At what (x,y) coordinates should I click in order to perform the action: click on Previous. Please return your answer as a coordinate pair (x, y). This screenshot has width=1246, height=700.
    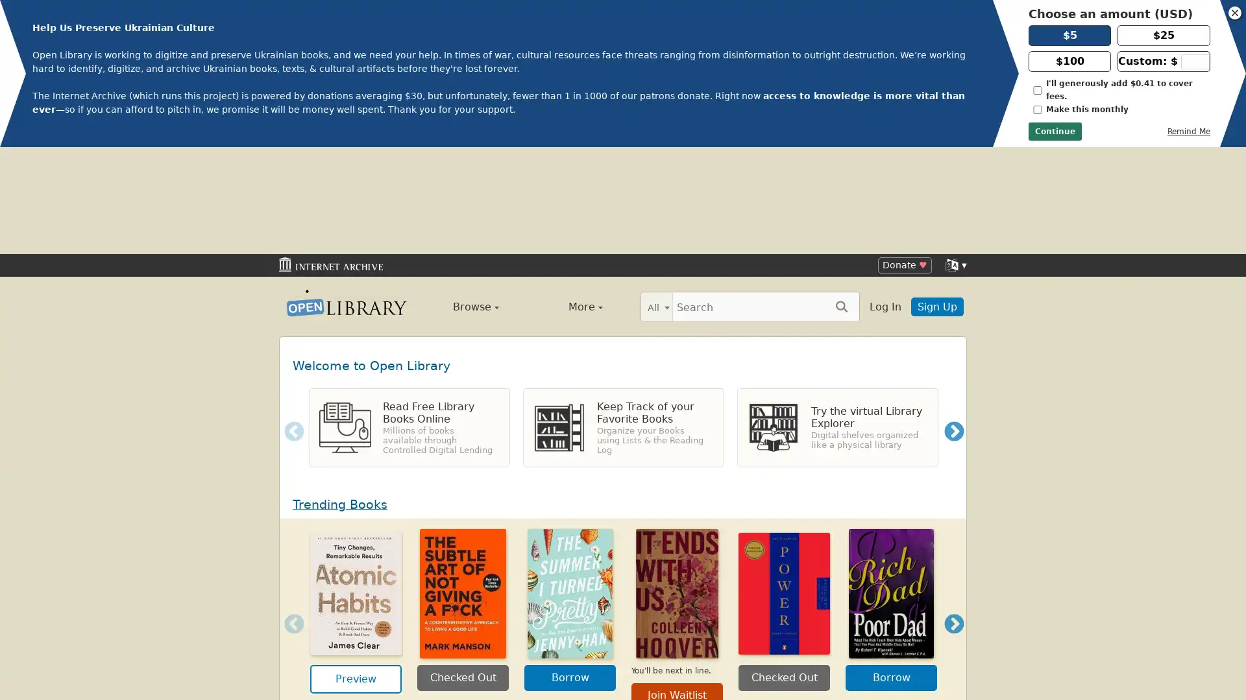
    Looking at the image, I should click on (289, 324).